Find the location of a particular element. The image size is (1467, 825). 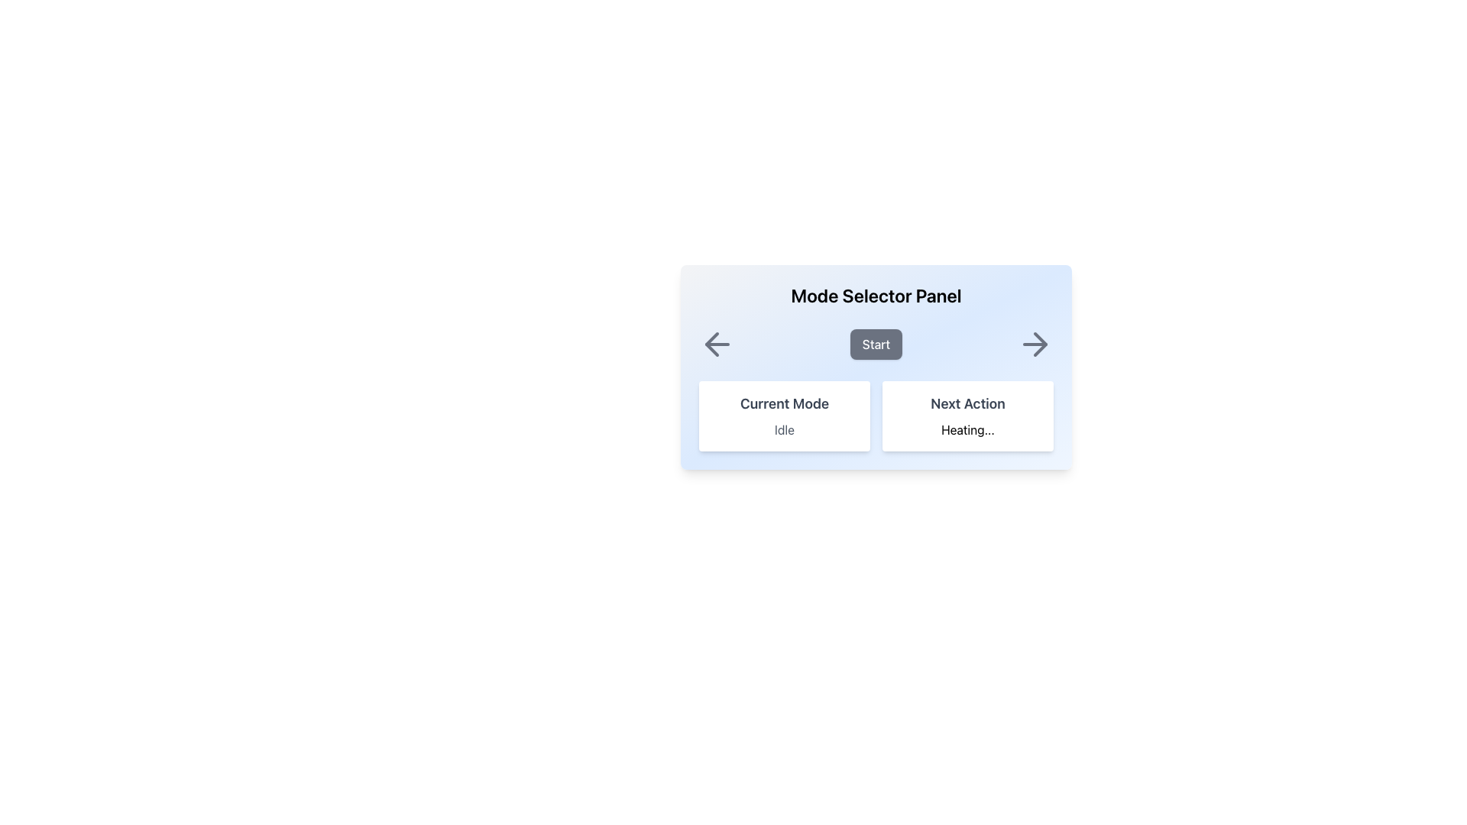

the leftward navigation arrow icon located near the upper-left corner of the mode selector panel is located at coordinates (717, 345).